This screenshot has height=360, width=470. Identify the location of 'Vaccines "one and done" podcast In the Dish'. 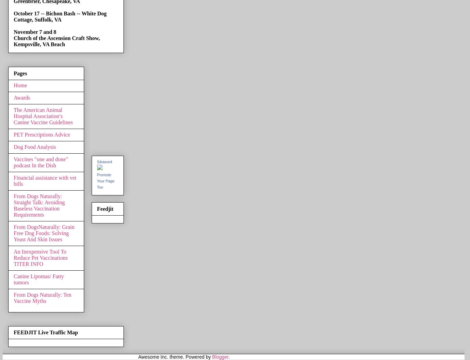
(40, 162).